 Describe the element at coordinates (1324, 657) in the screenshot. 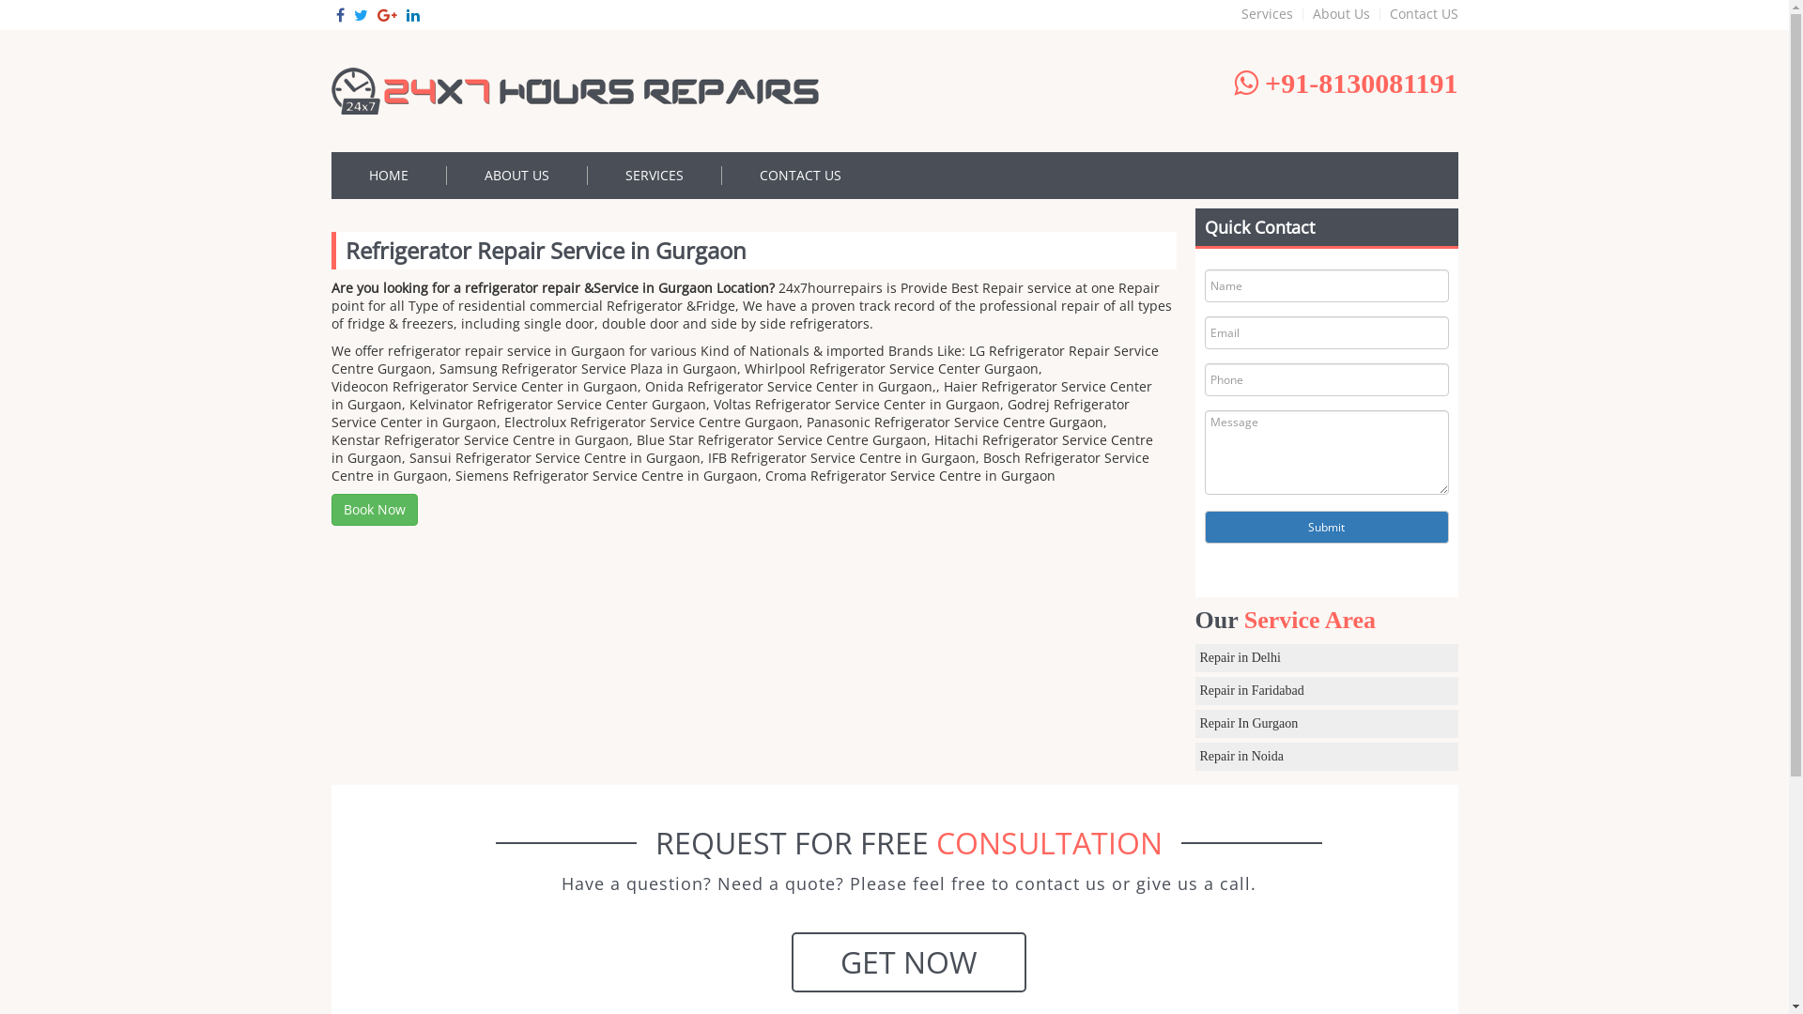

I see `'Repair in Delhi'` at that location.